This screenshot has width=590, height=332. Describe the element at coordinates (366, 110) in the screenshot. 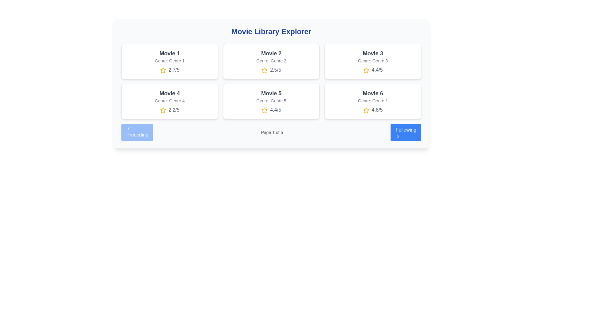

I see `the star-shaped rating icon with a yellow outline located under the title and genre of 'Movie 6', which displays a rating of '4.8/5'` at that location.